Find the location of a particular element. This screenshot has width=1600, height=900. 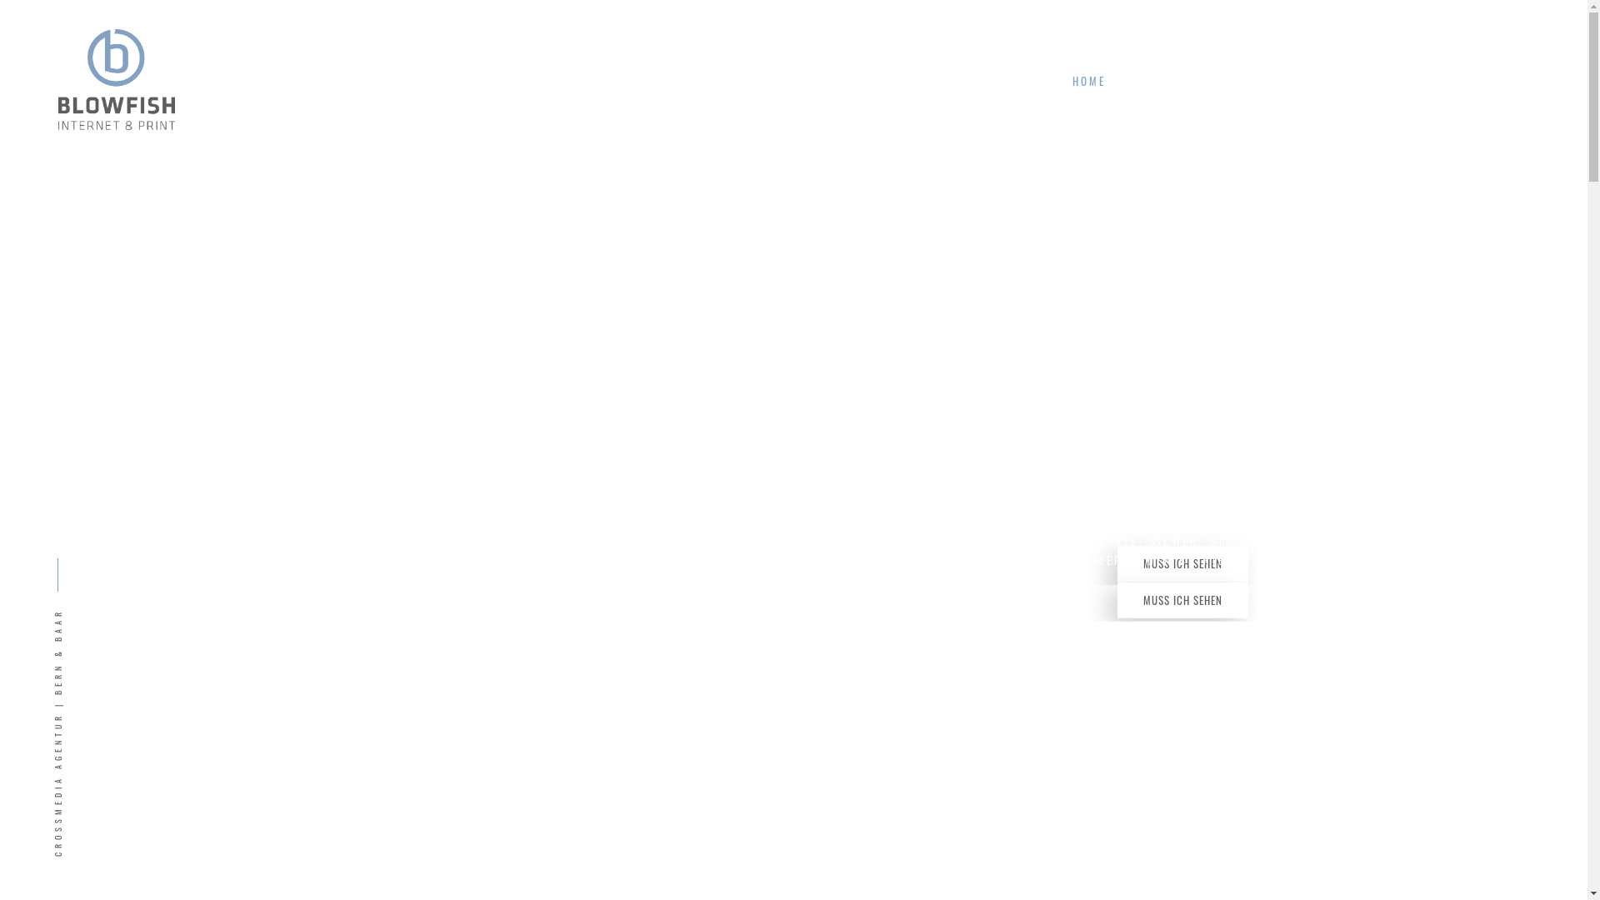

'HOME' is located at coordinates (1063, 81).